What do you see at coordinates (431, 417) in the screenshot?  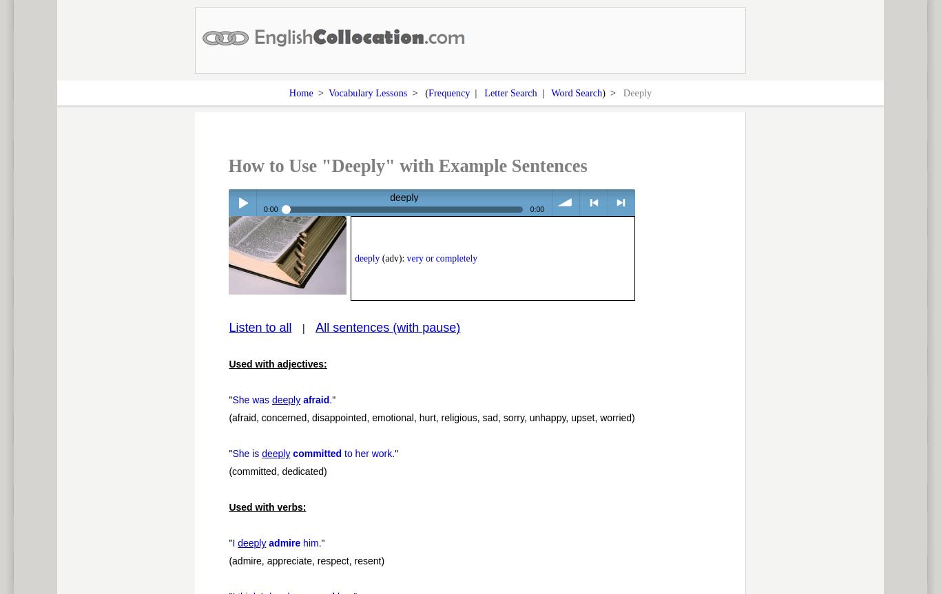 I see `'(afraid, concerned, disappointed, emotional, hurt, religious, sad, sorry, unhappy, upset, worried)'` at bounding box center [431, 417].